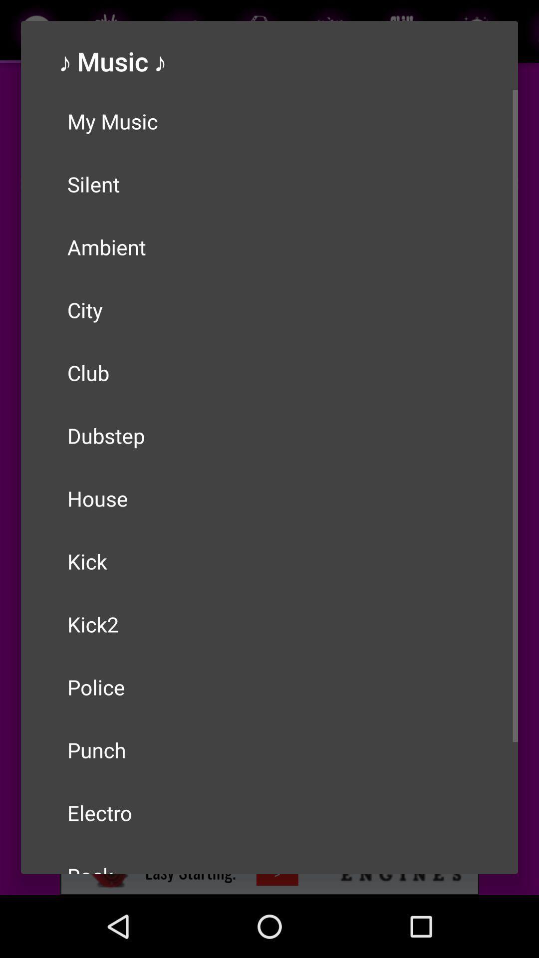 The height and width of the screenshot is (958, 539). What do you see at coordinates (269, 812) in the screenshot?
I see `item below the 		punch icon` at bounding box center [269, 812].